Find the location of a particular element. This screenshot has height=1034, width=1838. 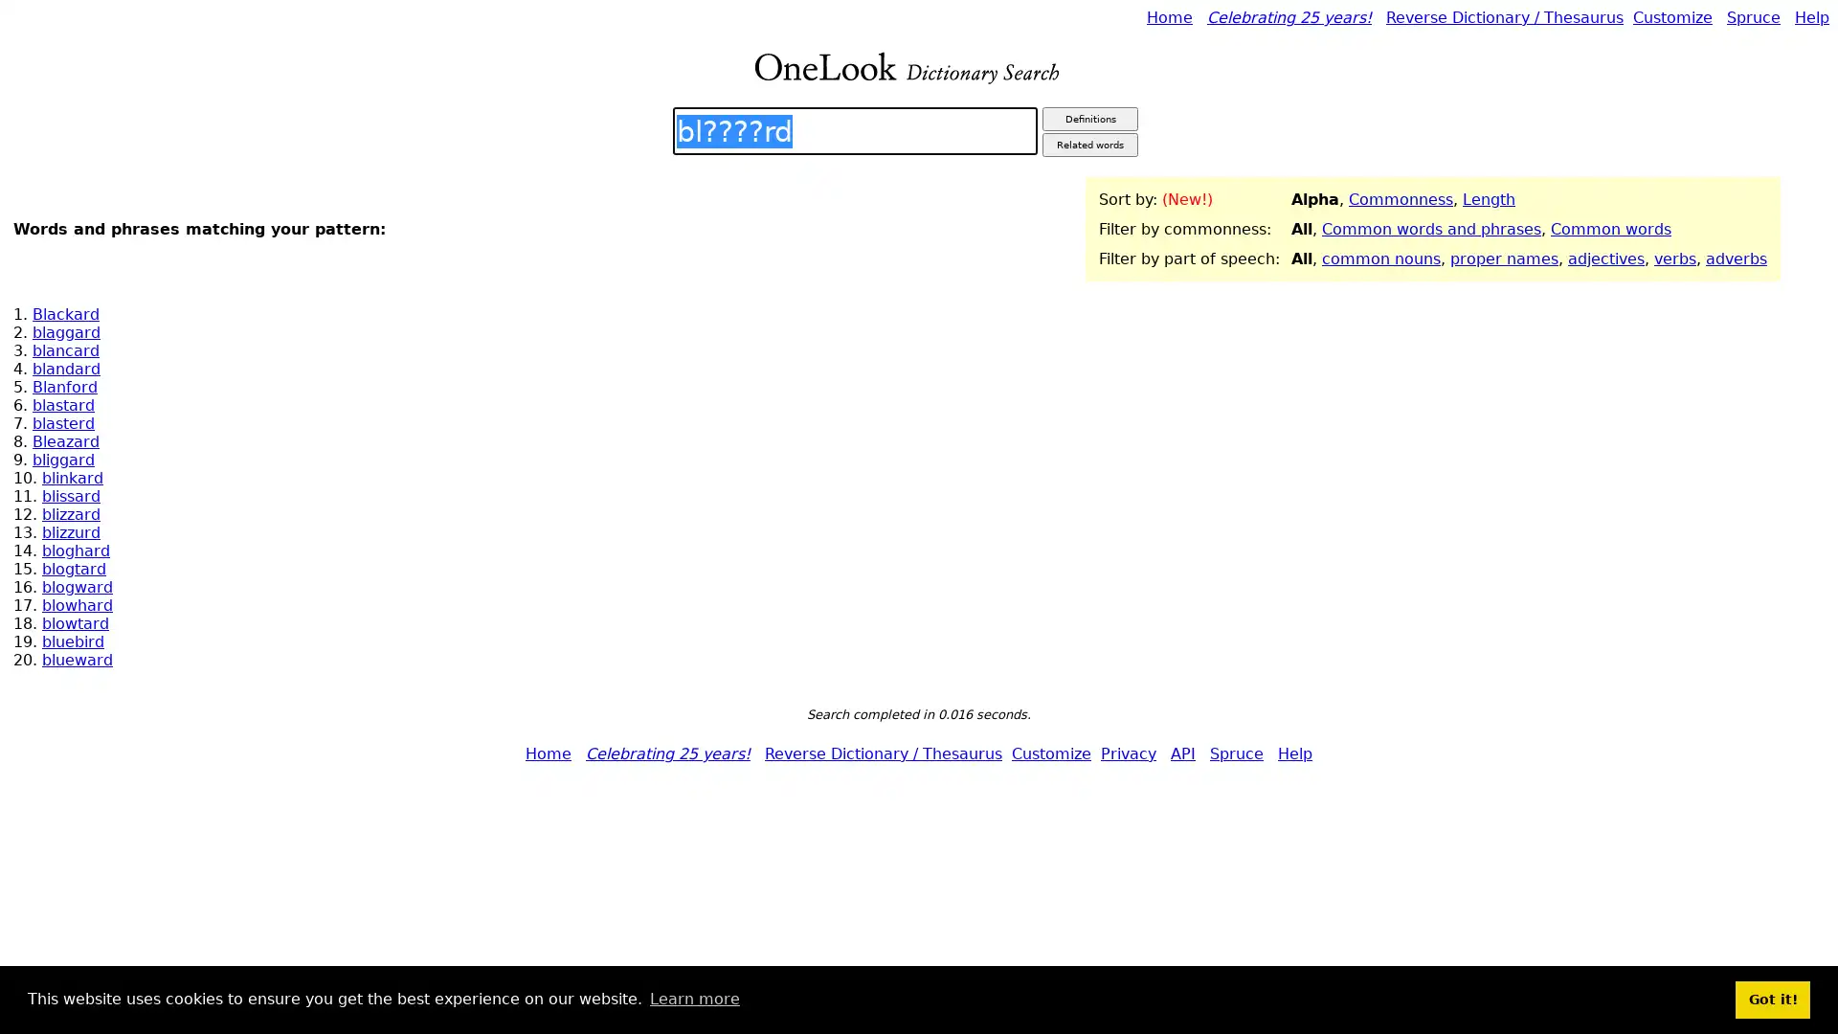

dismiss cookie message is located at coordinates (1772, 999).